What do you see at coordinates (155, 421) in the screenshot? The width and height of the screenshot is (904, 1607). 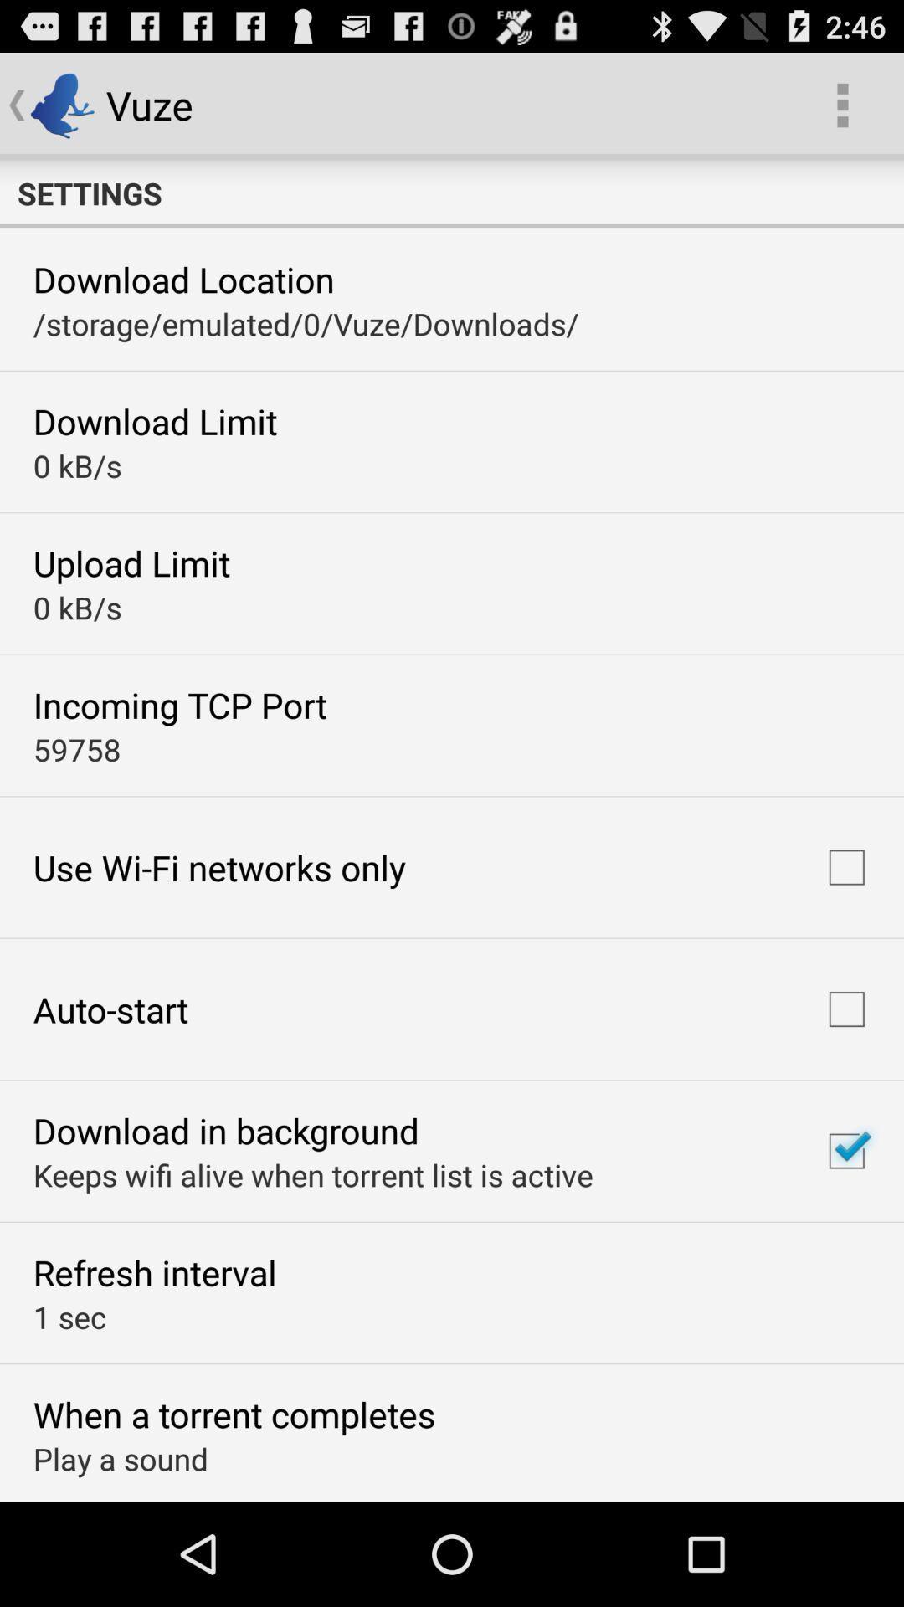 I see `the download limit` at bounding box center [155, 421].